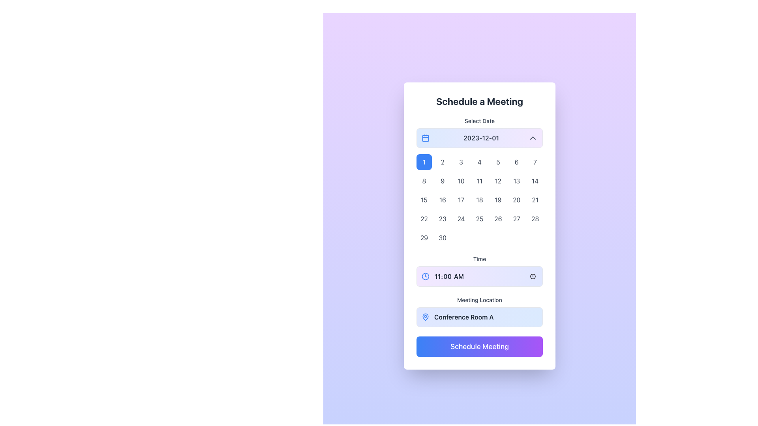 The image size is (758, 426). I want to click on the date selector dropdown button located under the 'Select Date' header, so click(479, 138).